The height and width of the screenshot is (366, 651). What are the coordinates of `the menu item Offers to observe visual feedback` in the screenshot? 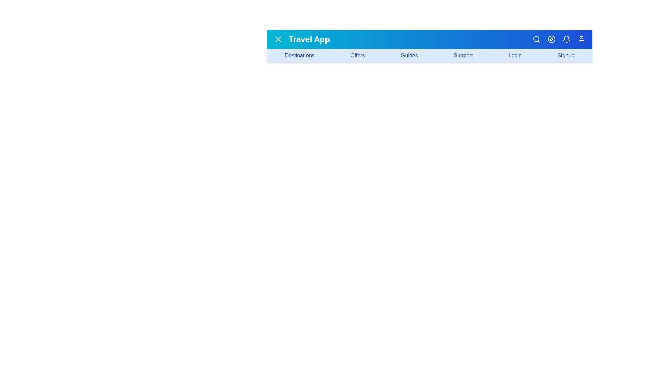 It's located at (357, 55).